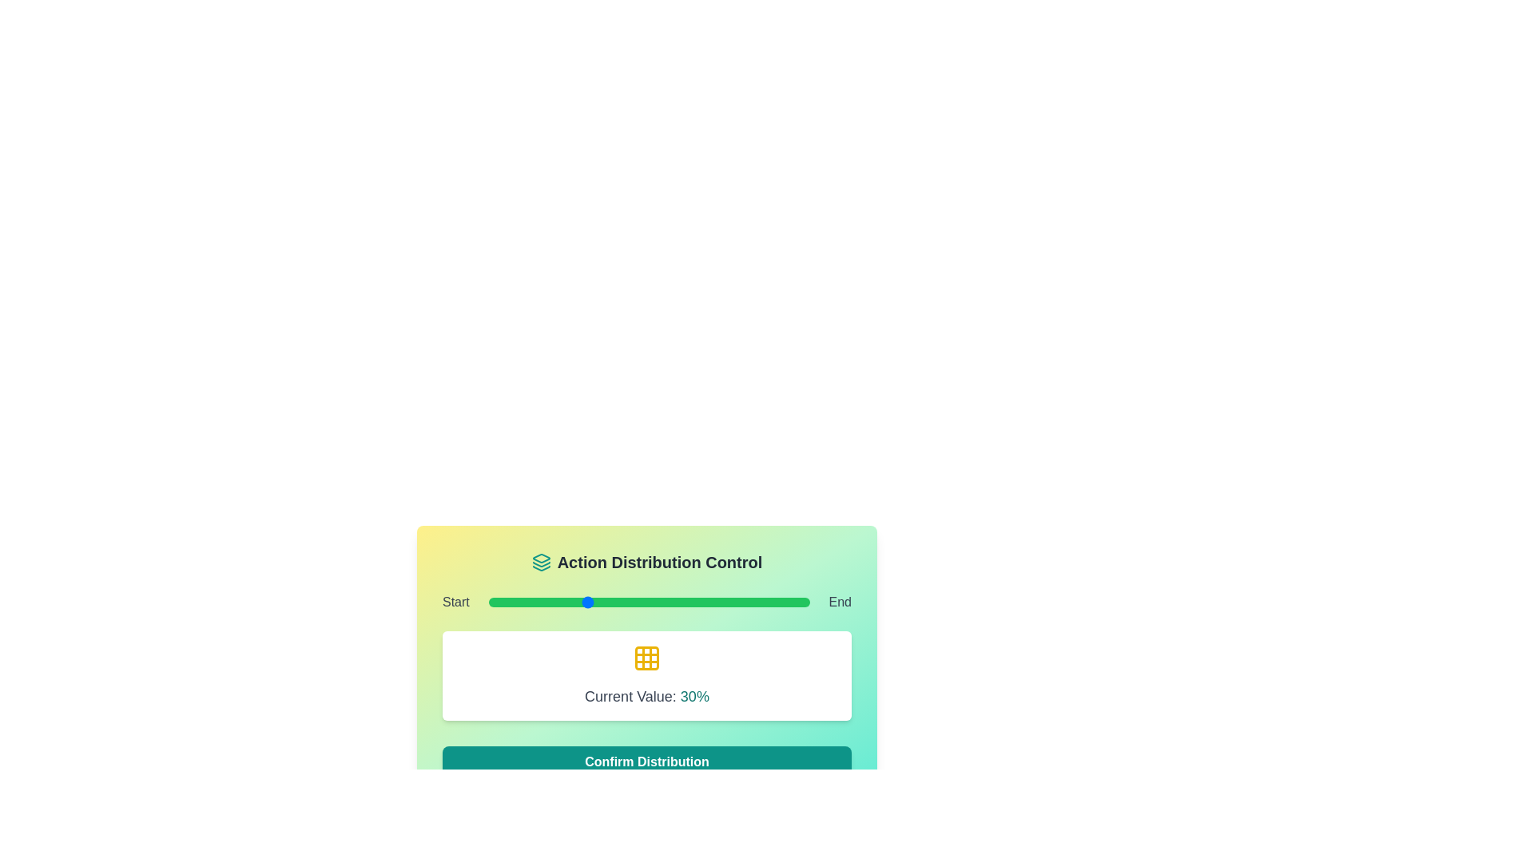 This screenshot has width=1534, height=863. Describe the element at coordinates (729, 602) in the screenshot. I see `the slider to set its value to 75%` at that location.